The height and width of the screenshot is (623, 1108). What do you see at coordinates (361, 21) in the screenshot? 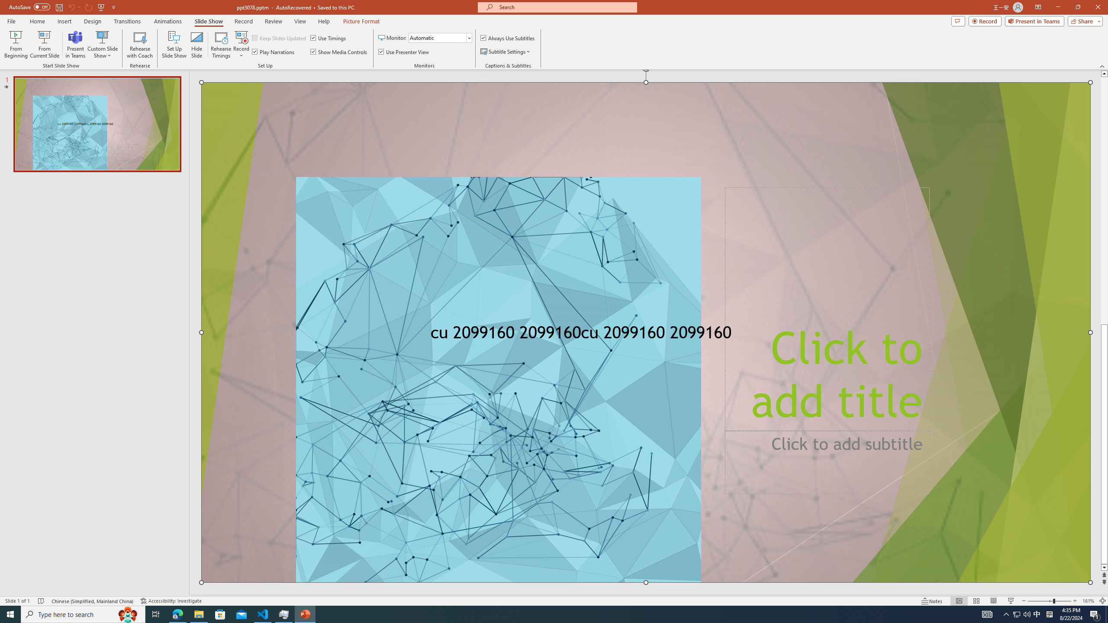
I see `'Picture Format'` at bounding box center [361, 21].